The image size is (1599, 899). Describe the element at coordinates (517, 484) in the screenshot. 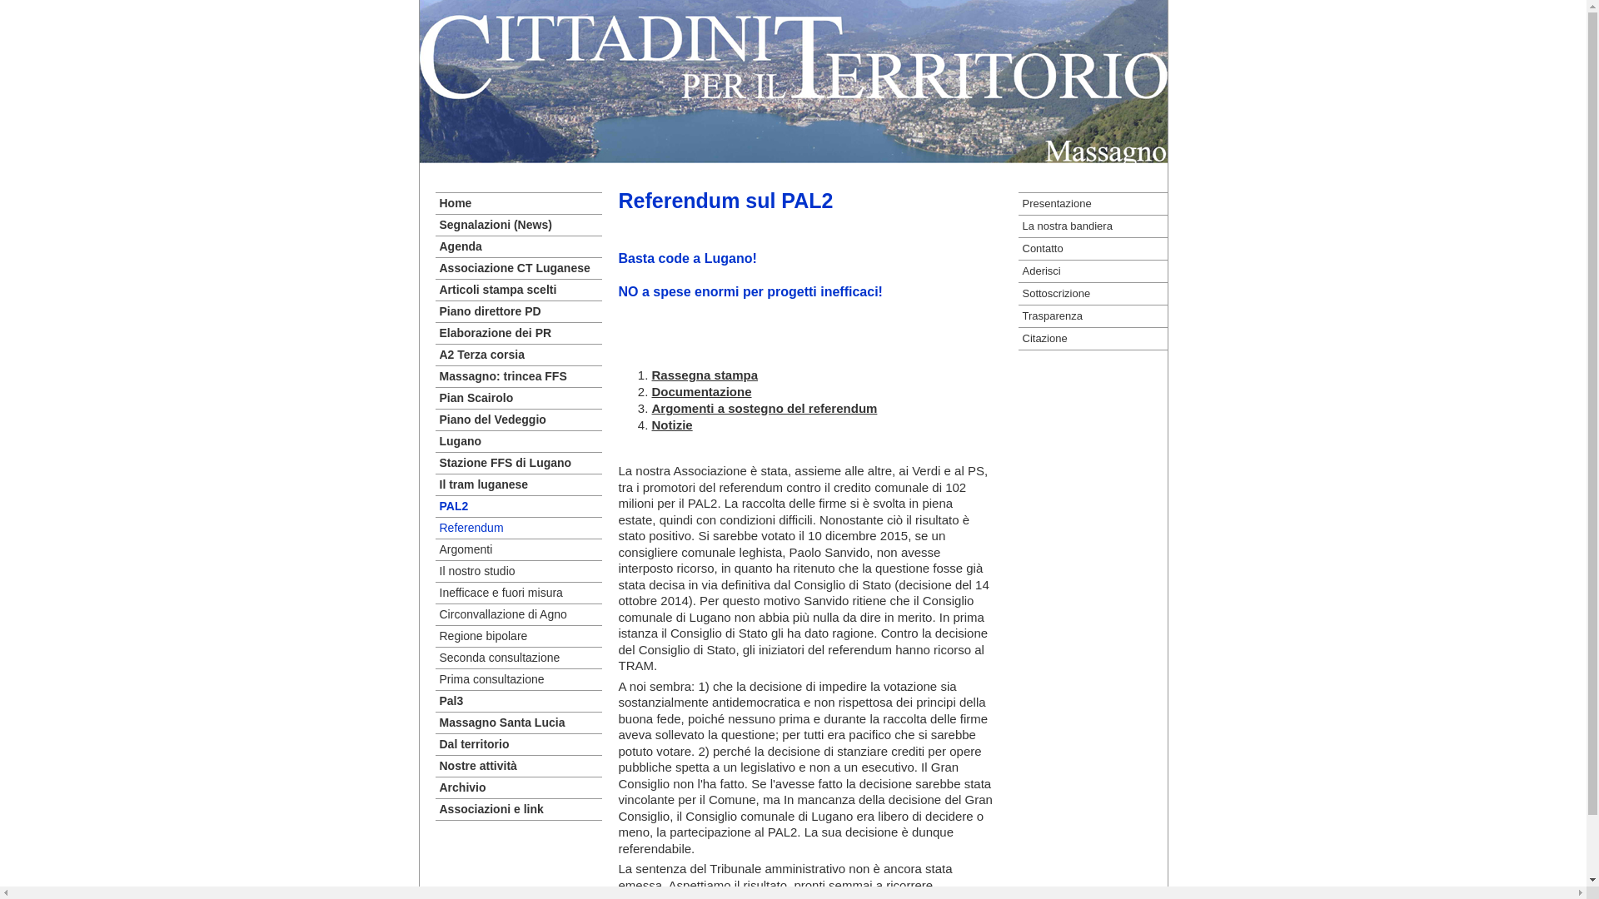

I see `'Il tram luganese'` at that location.